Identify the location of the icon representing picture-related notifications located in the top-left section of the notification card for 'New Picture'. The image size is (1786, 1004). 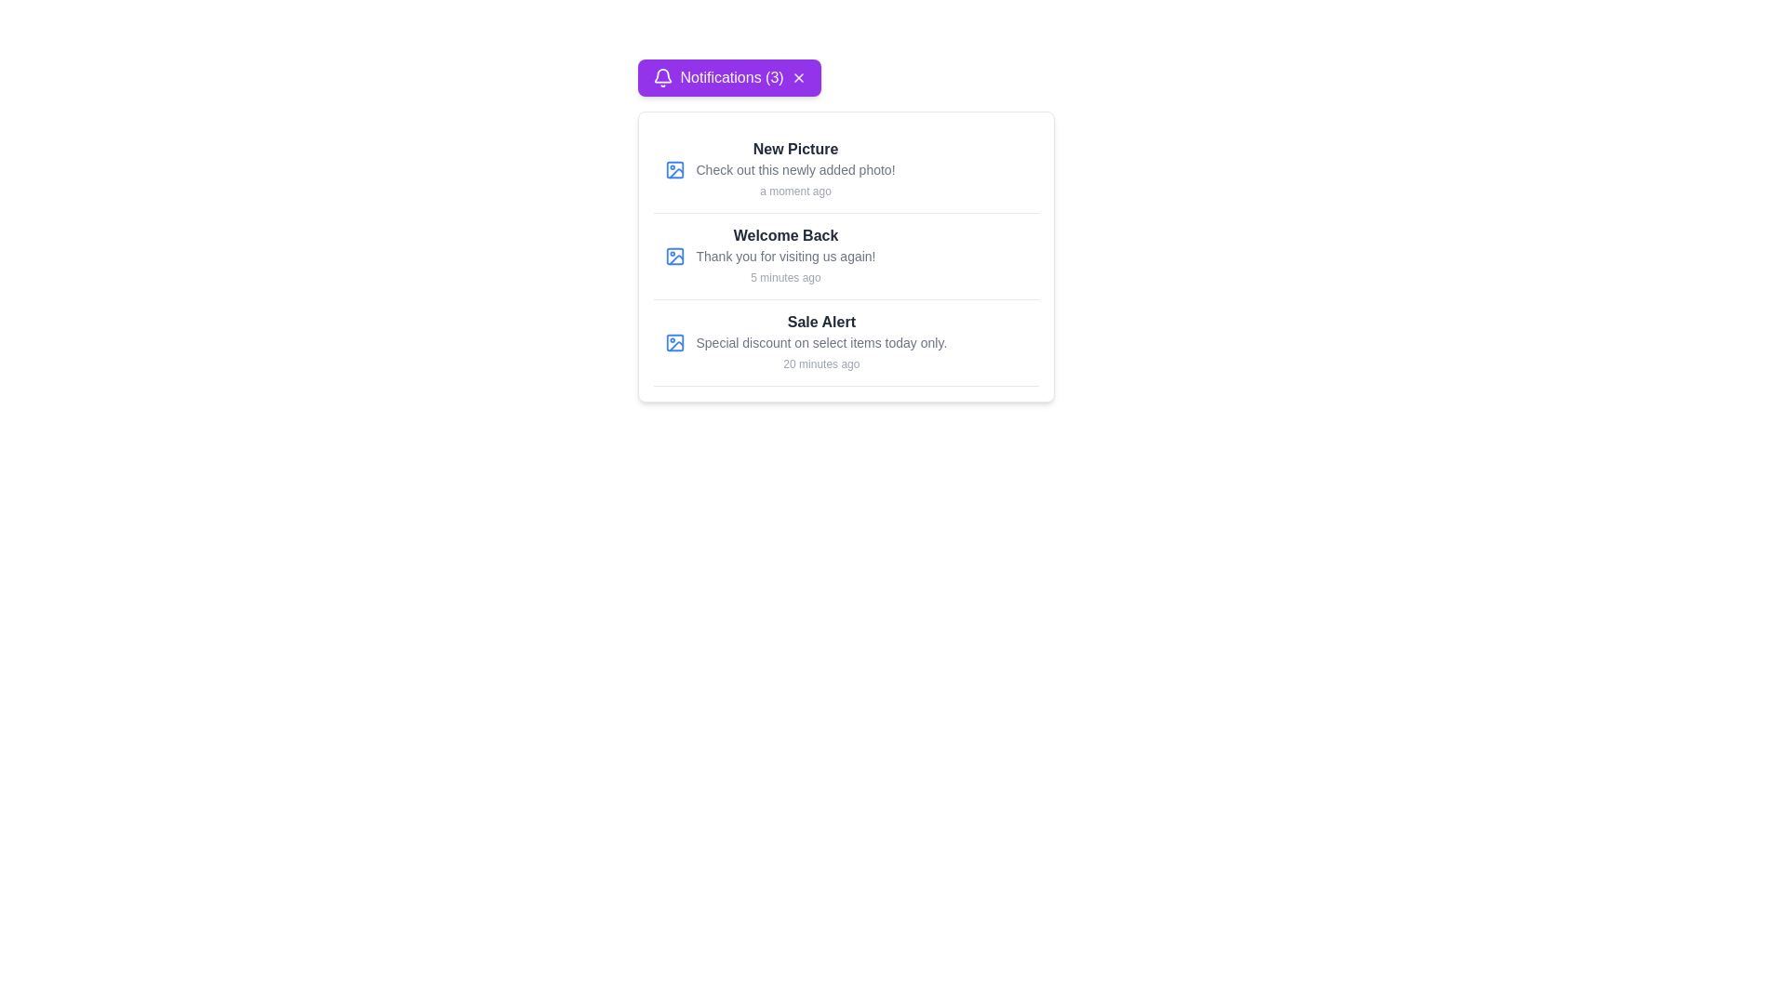
(673, 169).